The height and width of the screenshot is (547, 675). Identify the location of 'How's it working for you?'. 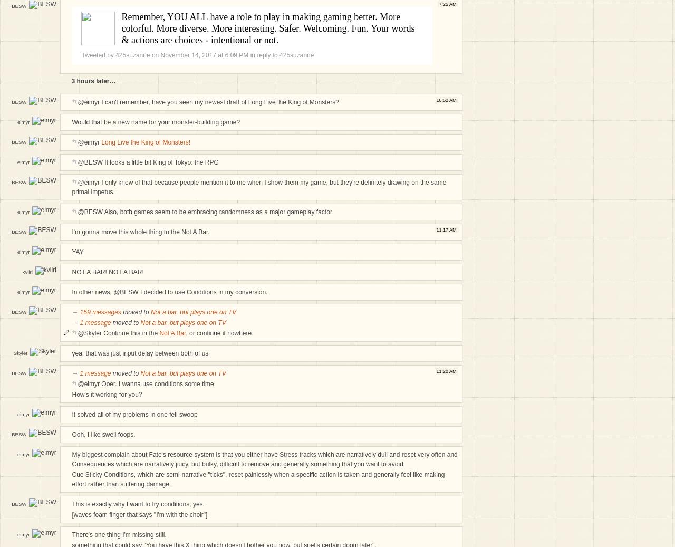
(107, 394).